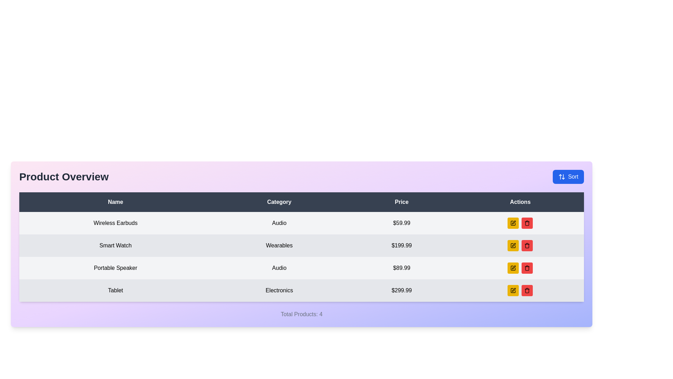 The image size is (673, 379). I want to click on the 'Edit' button in the 'Actions' column for the 'Portable Speaker' product, so click(513, 223).